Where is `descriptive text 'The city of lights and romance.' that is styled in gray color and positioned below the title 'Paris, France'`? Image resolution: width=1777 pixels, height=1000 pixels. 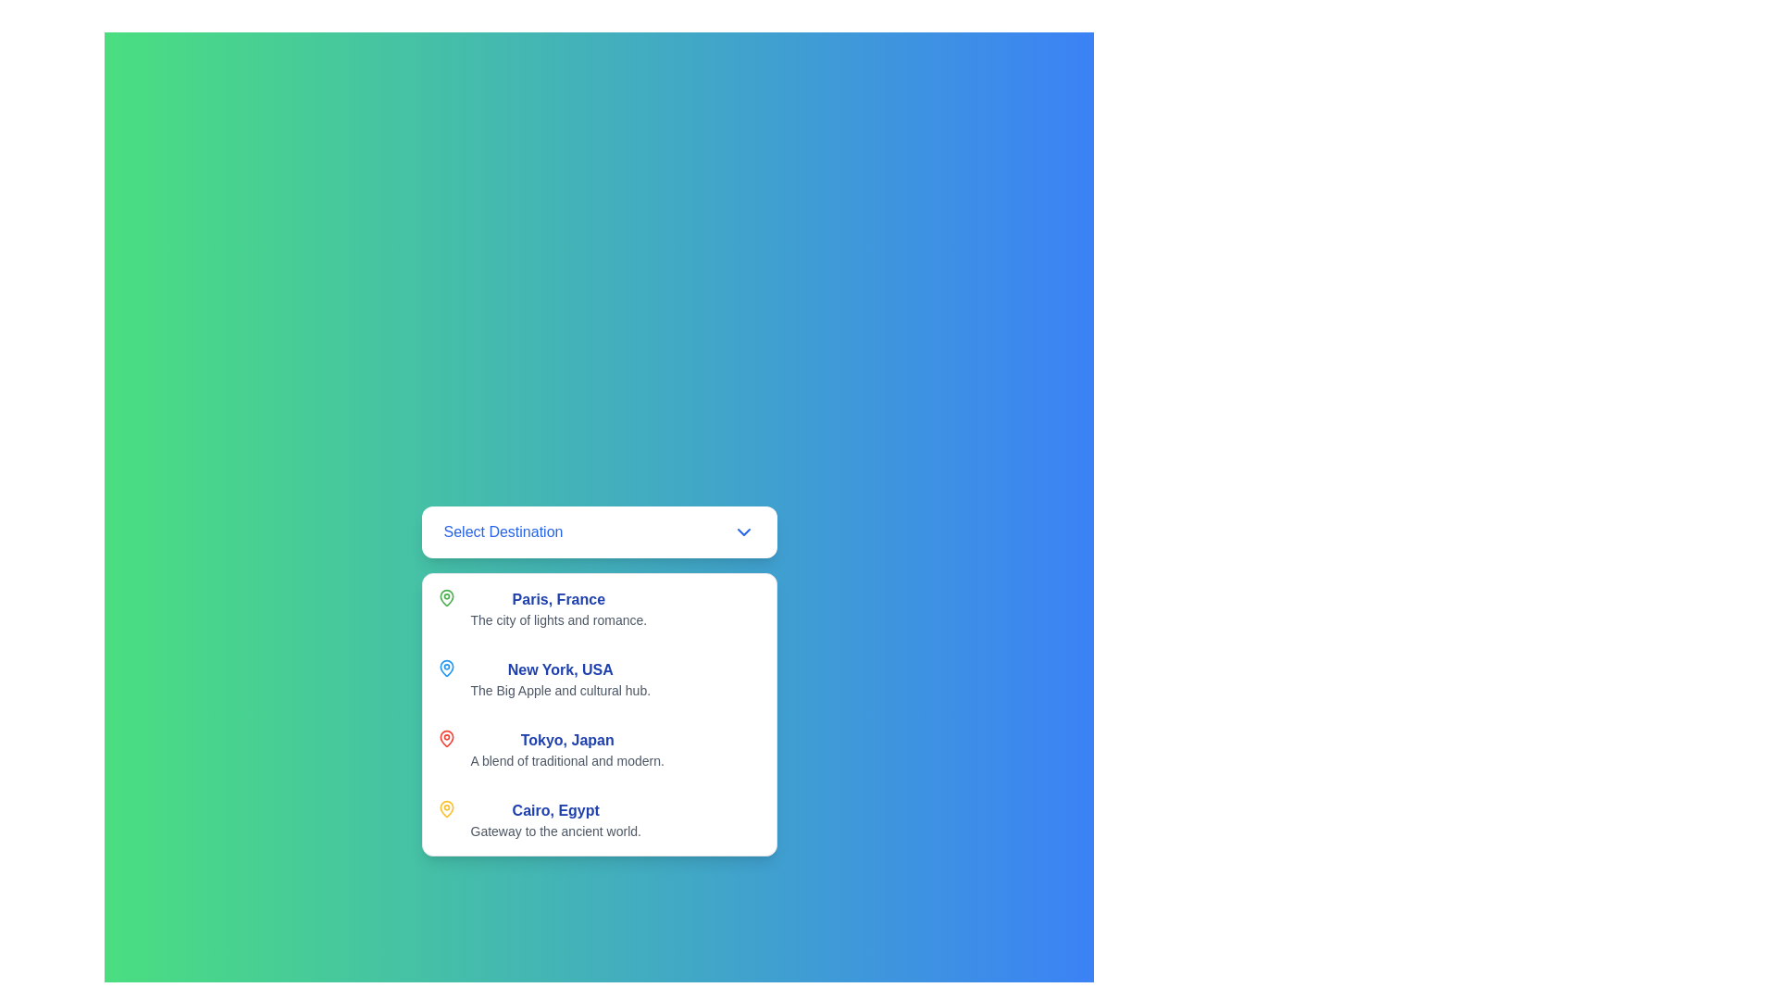
descriptive text 'The city of lights and romance.' that is styled in gray color and positioned below the title 'Paris, France' is located at coordinates (557, 620).